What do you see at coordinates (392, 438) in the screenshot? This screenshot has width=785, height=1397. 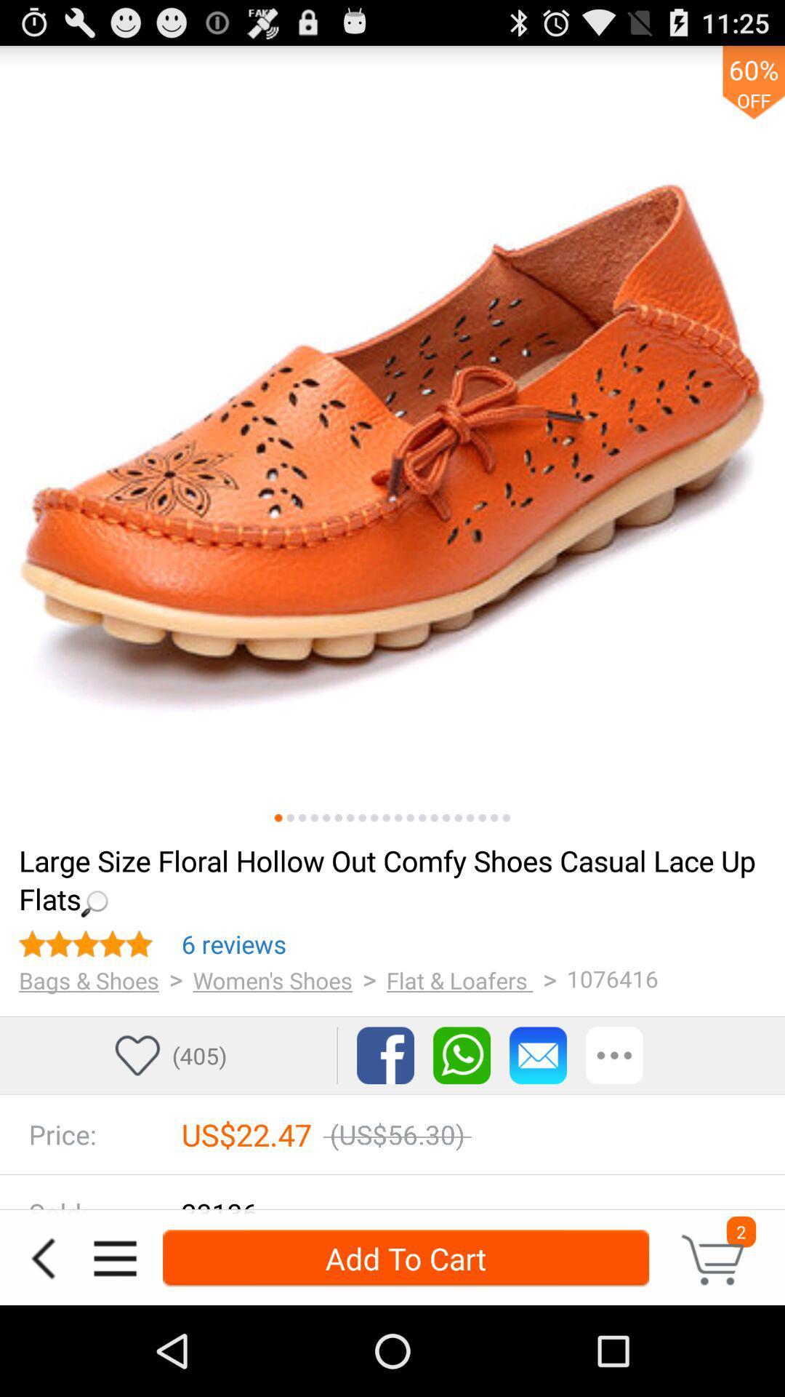 I see `product view` at bounding box center [392, 438].